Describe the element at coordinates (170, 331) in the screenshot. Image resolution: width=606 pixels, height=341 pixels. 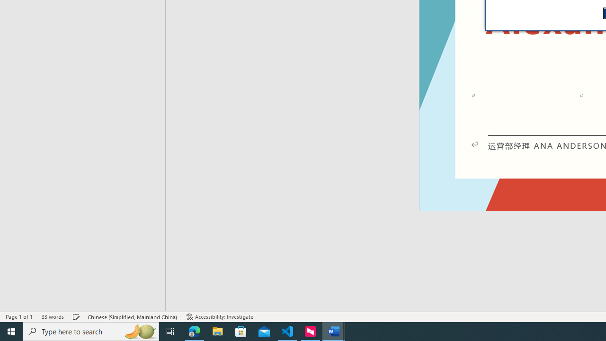
I see `'Task View'` at that location.